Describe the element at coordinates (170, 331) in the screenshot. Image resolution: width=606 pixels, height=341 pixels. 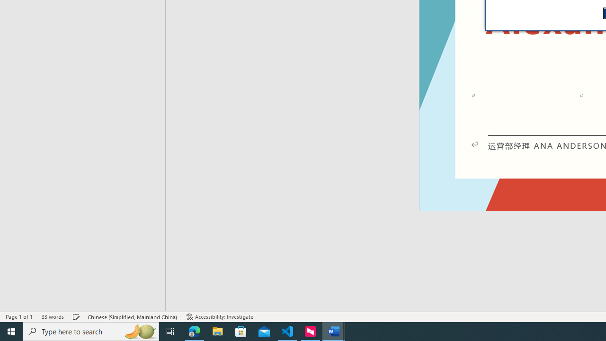
I see `'Task View'` at that location.